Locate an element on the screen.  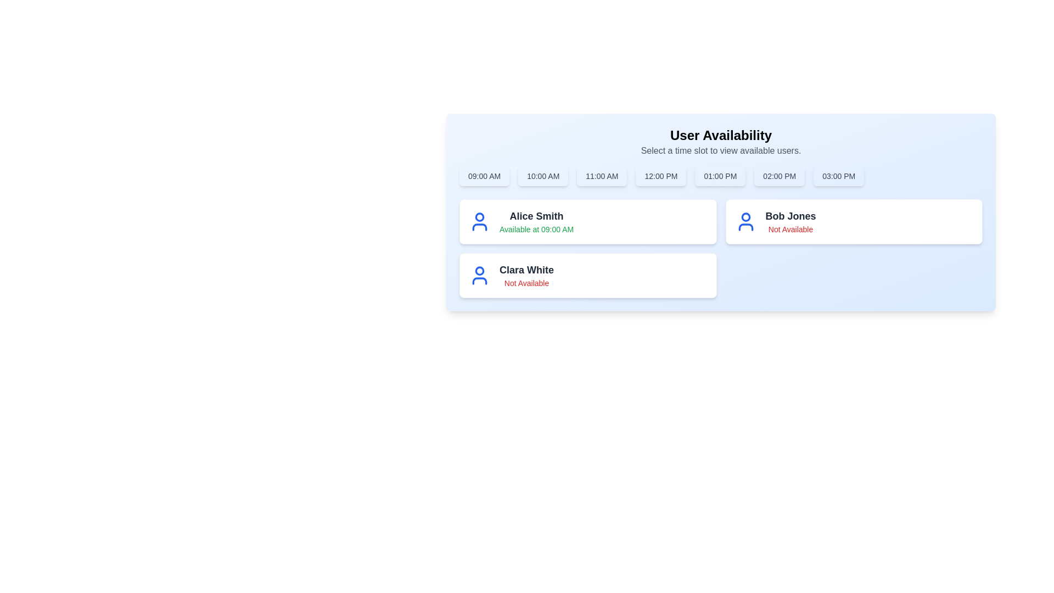
the instructional static text located directly beneath the 'User Availability' heading, which guides users on the purpose of the time slot interface is located at coordinates (721, 150).